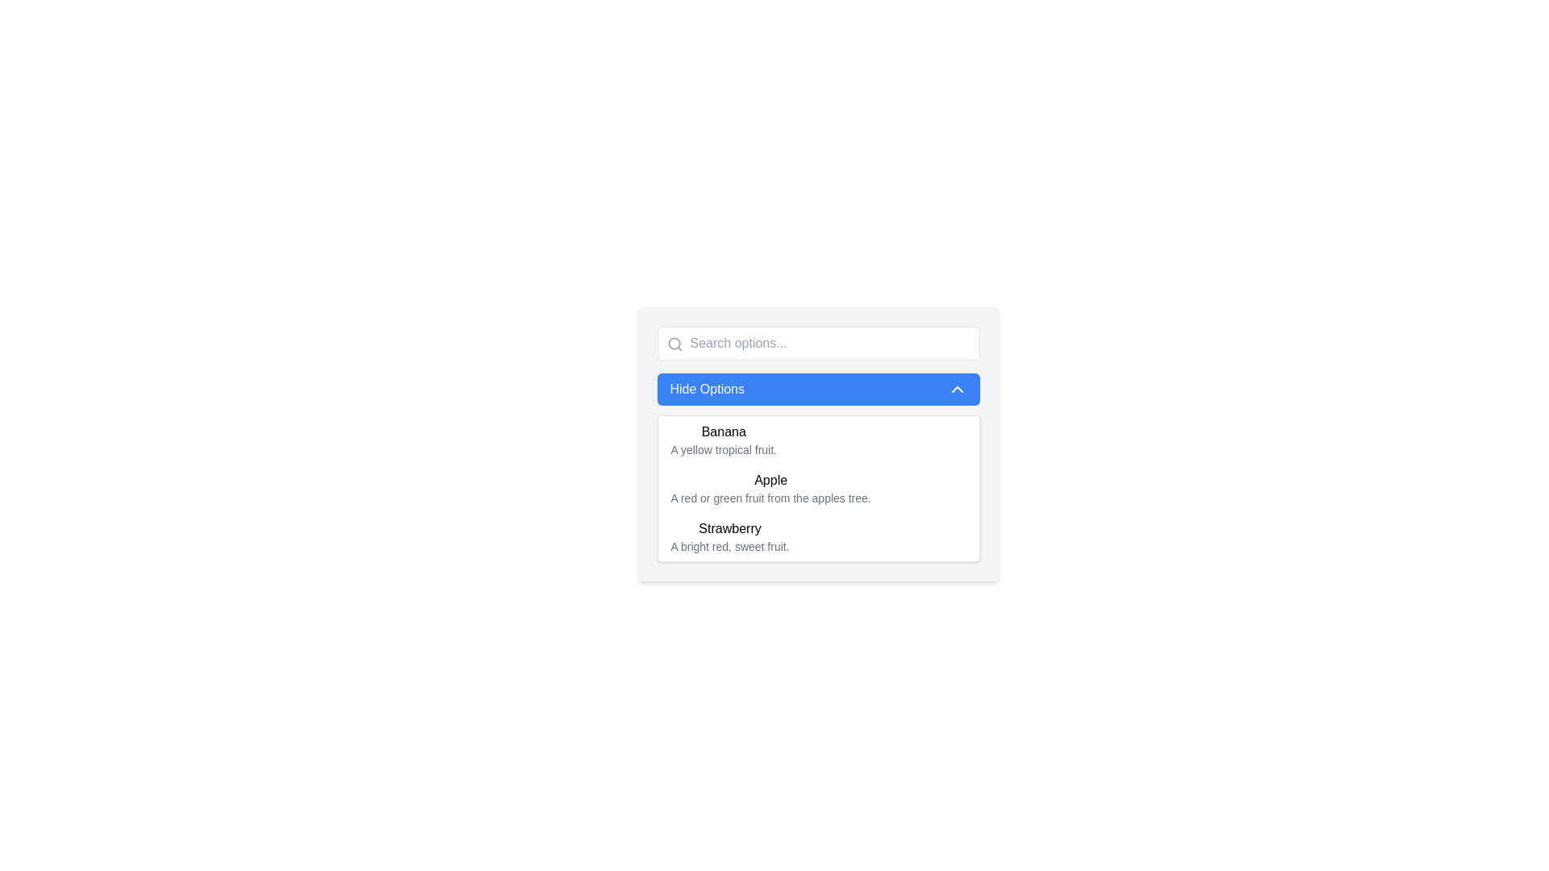 This screenshot has width=1549, height=871. What do you see at coordinates (723, 450) in the screenshot?
I see `the textual description 'A yellow tropical fruit.' that is styled with a gray font and is located below 'Banana' in the dropdown menu` at bounding box center [723, 450].